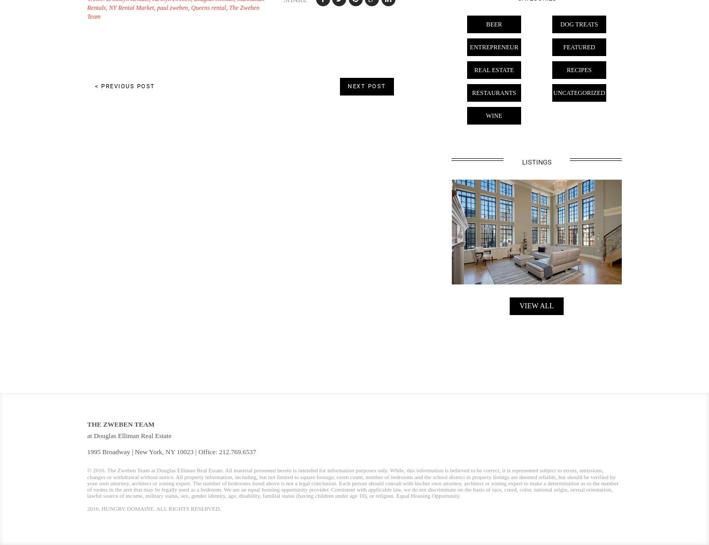  What do you see at coordinates (352, 482) in the screenshot?
I see `'© 2016. The Zweben Team at Douglas Elliman Real Estate. All material presented herein is intended for information purposes only. While, this information is believed to be correct, it is represented subject to errors, omissions, changes or withdrawal without notice. All property information, including, but not limited to square footage, room count, number of bedrooms and the school district in property listings are deemed reliable, but should be verified by your own attorney, architect or zoning expert. The number of bedrooms listed above is not a legal conclusion. Each person should consult with his/her own attorney, architect or zoning expert to make a determination as to the number of rooms in the unit that may be legally used as a bedroom. We are an equal housing opportunity provider. Consistent with applicable law, we do not discriminate on the basis of race, creed, color, national origin, sexual orientation, lawful source of income, military status, sex, gender identity, age, disability, familial status (having children under age 18), or religion. Equal Housing Opportunity.'` at bounding box center [352, 482].